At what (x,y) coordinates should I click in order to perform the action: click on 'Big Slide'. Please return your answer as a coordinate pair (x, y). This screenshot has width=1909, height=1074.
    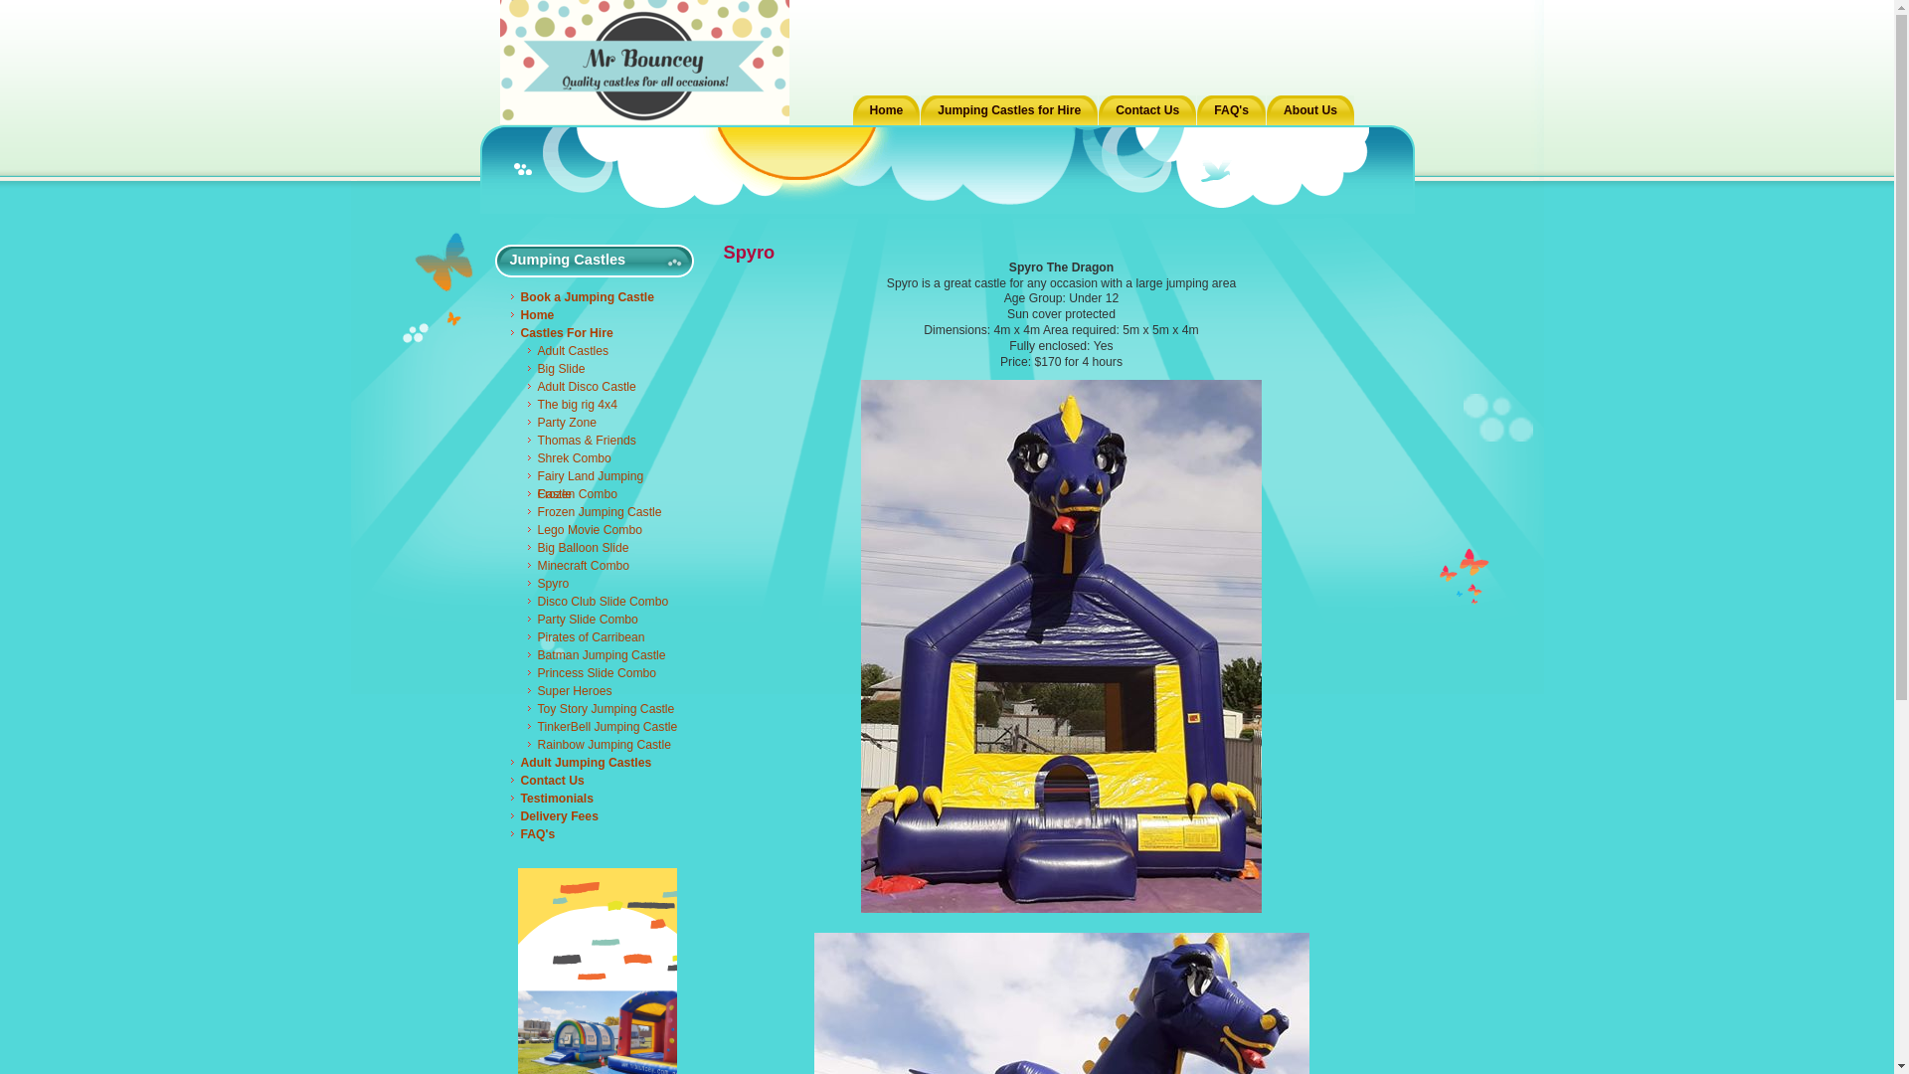
    Looking at the image, I should click on (526, 368).